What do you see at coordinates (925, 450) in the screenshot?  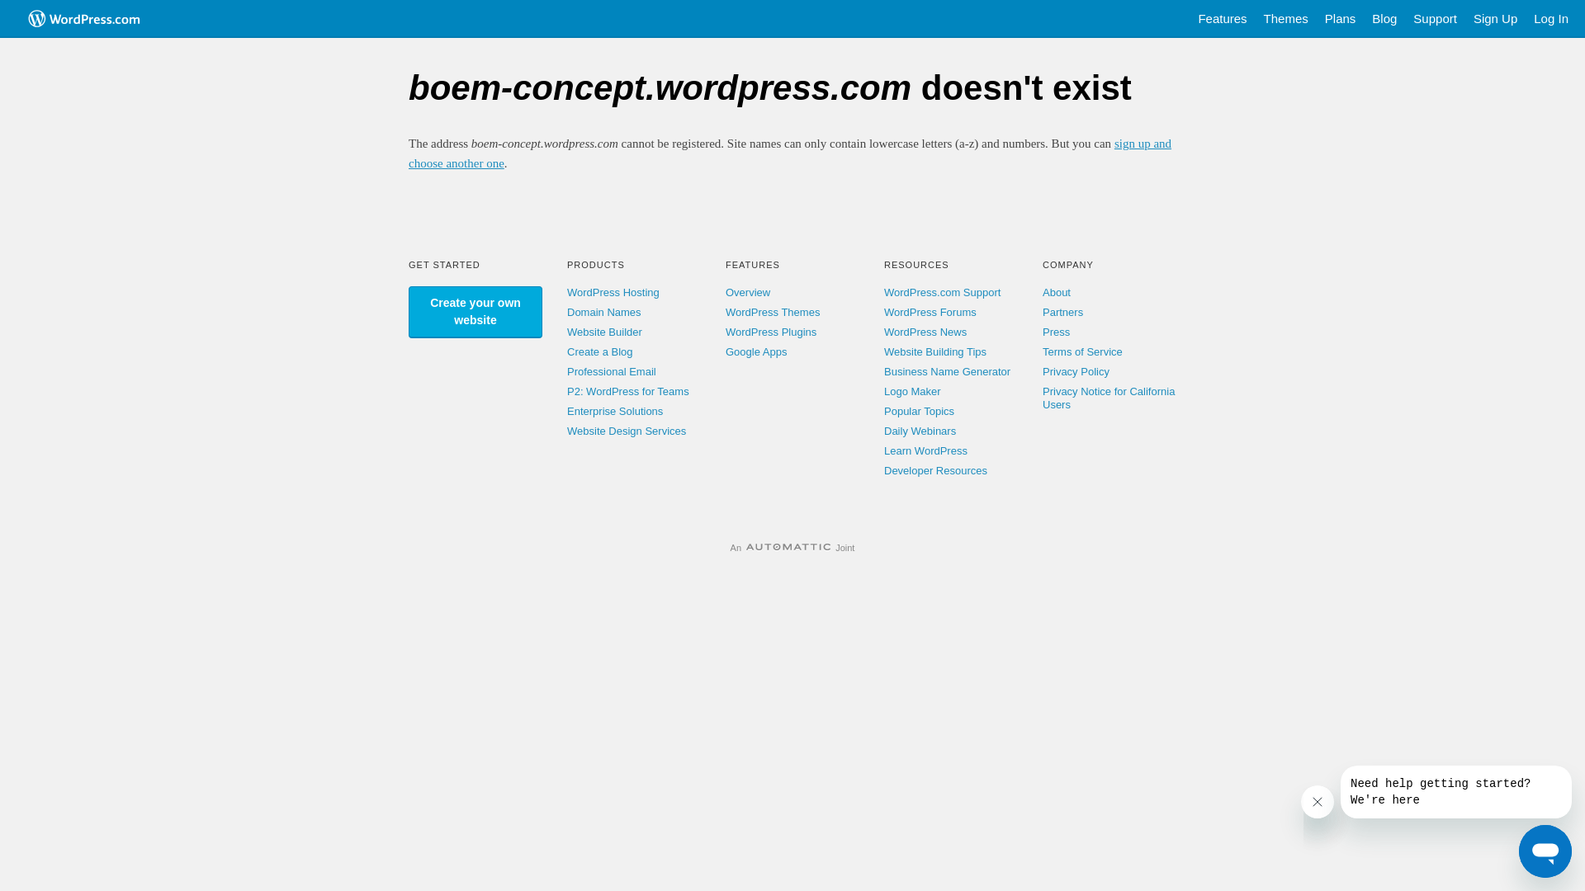 I see `'Learn WordPress'` at bounding box center [925, 450].